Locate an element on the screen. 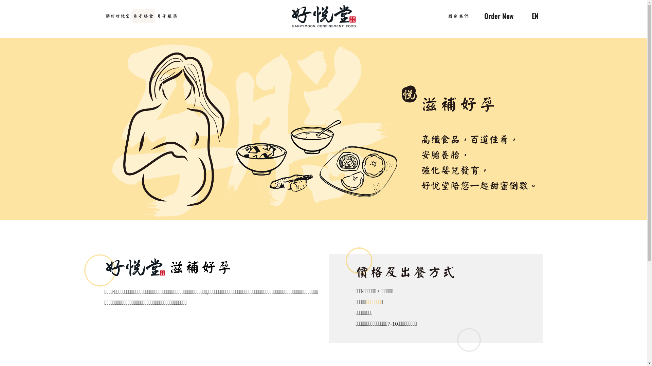 Image resolution: width=652 pixels, height=366 pixels. 'EN' is located at coordinates (536, 17).